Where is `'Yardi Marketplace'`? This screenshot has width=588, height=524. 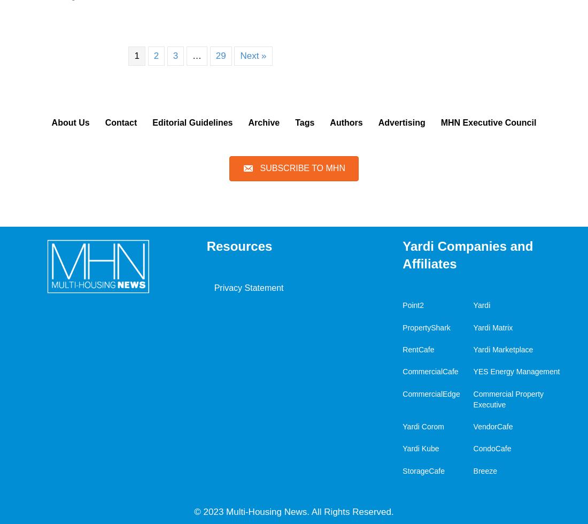
'Yardi Marketplace' is located at coordinates (472, 349).